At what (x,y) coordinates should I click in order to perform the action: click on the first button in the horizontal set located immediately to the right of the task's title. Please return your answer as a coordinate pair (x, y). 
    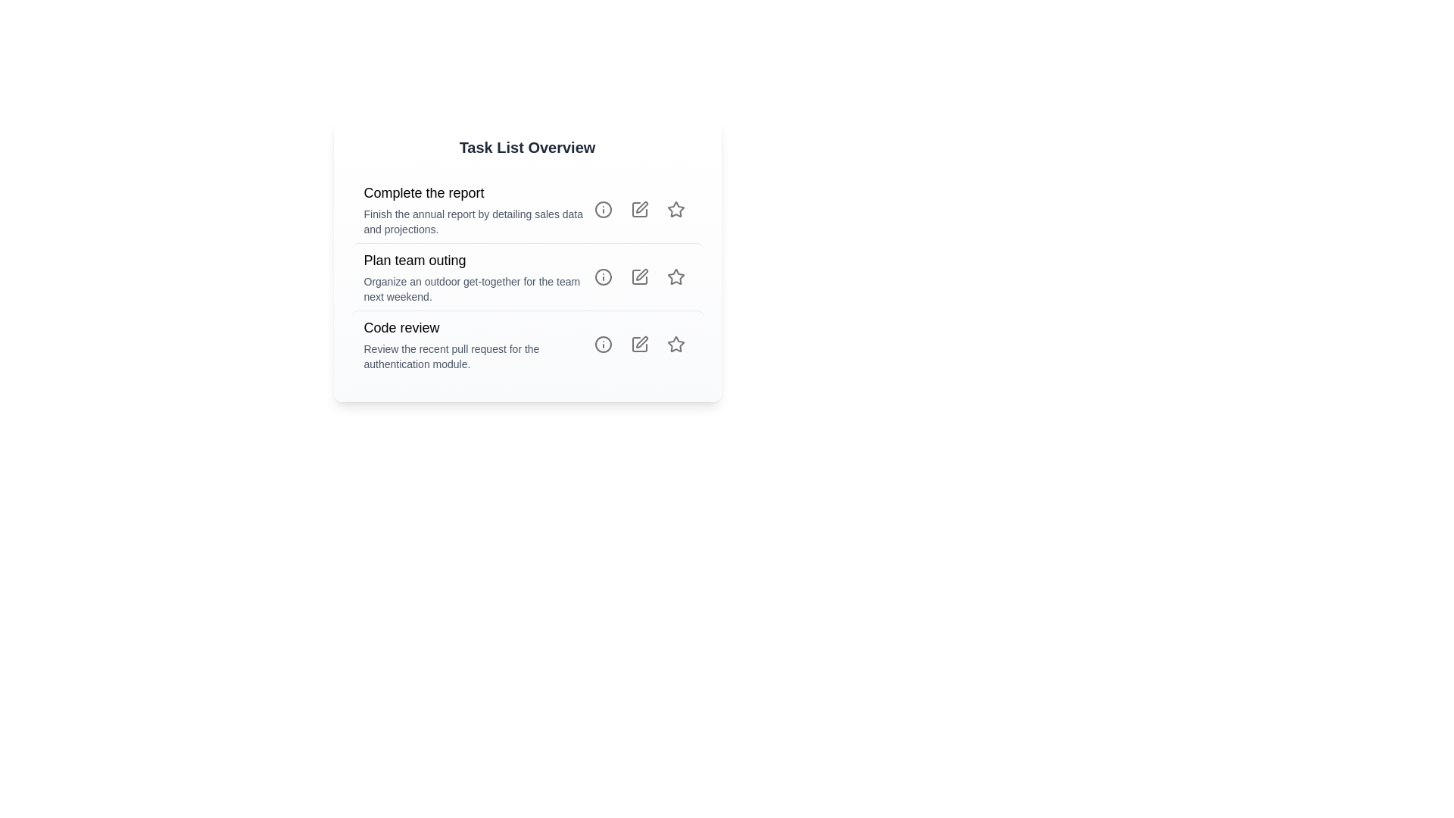
    Looking at the image, I should click on (602, 210).